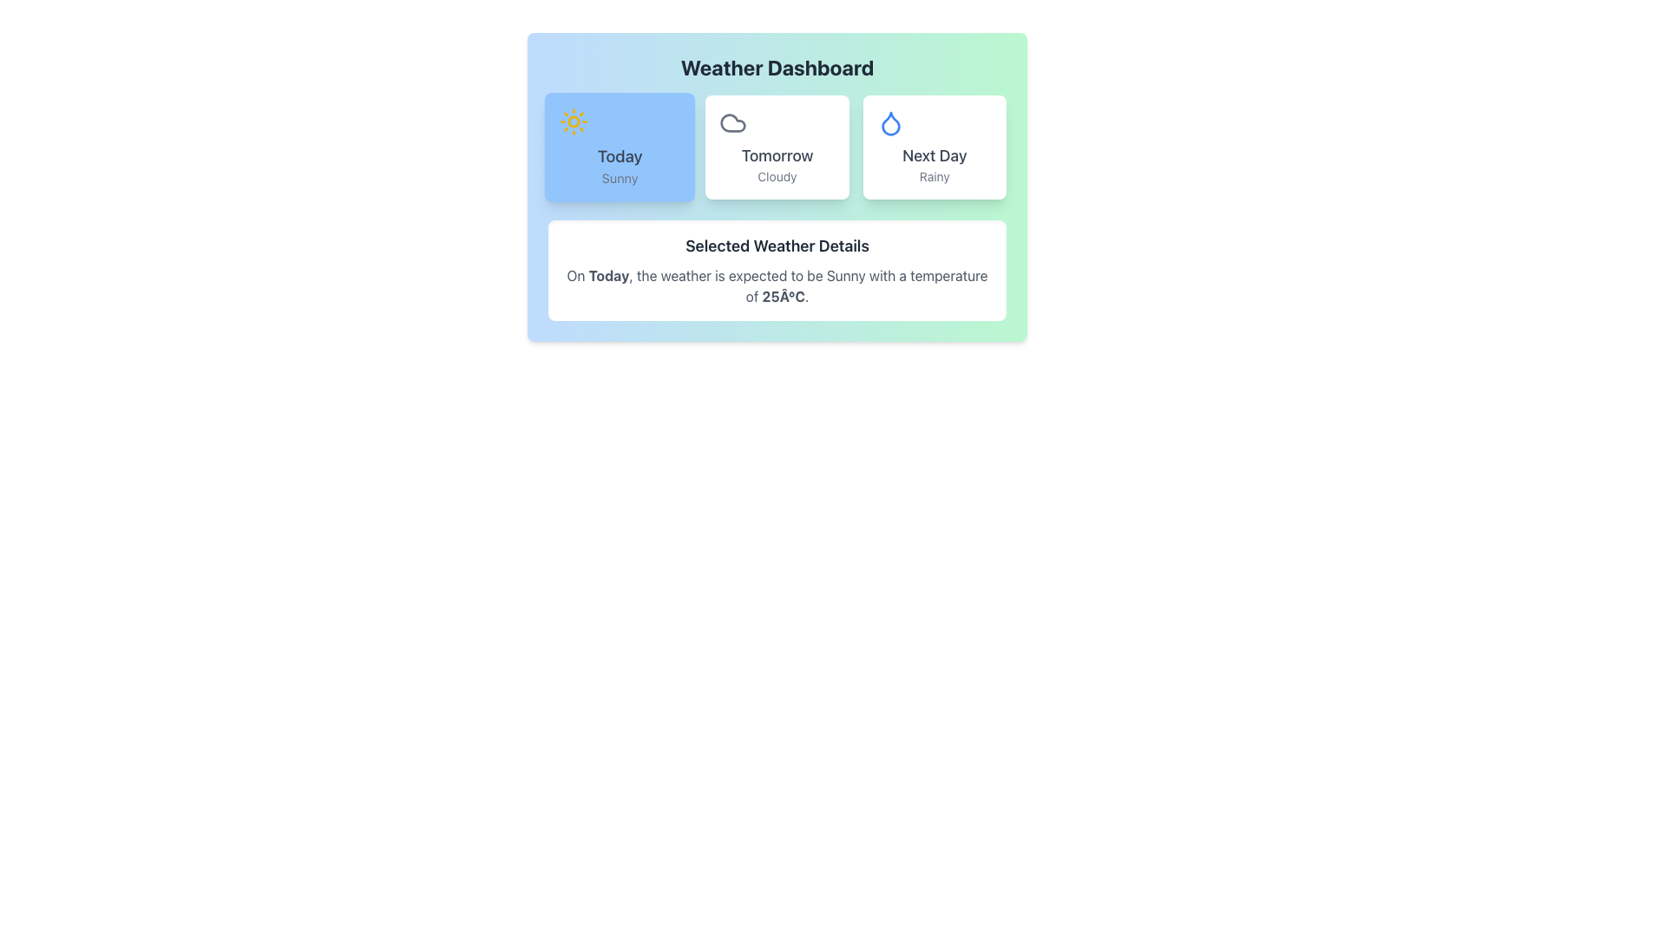 Image resolution: width=1666 pixels, height=937 pixels. What do you see at coordinates (777, 177) in the screenshot?
I see `text label containing the word 'Cloudy' that is styled in small gray font and positioned beneath the 'Tomorrow' header text within the middle weather information card` at bounding box center [777, 177].